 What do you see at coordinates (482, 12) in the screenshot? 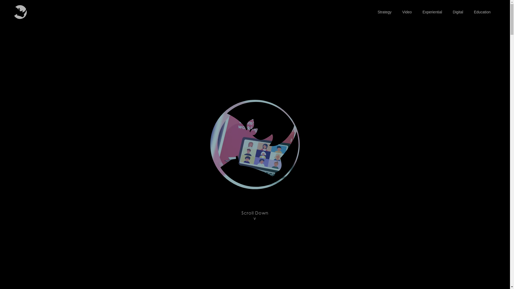
I see `'Education'` at bounding box center [482, 12].